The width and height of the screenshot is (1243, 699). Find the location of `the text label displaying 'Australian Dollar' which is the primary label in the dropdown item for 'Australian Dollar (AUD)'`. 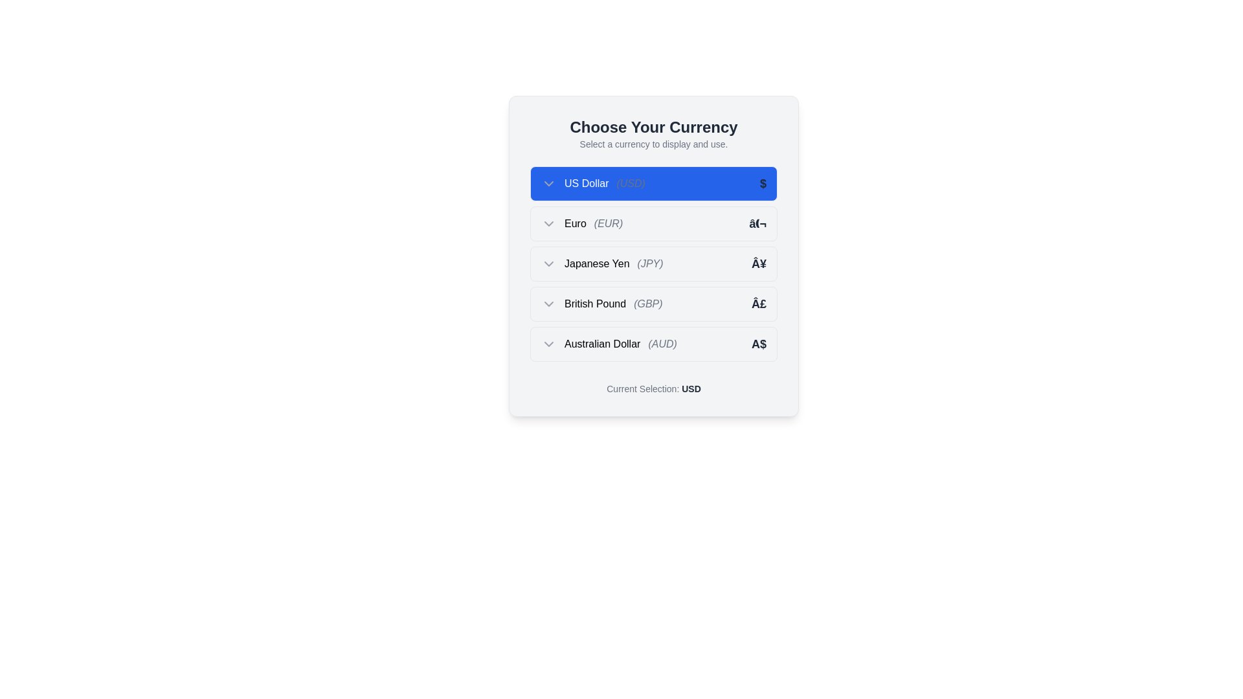

the text label displaying 'Australian Dollar' which is the primary label in the dropdown item for 'Australian Dollar (AUD)' is located at coordinates (601, 344).